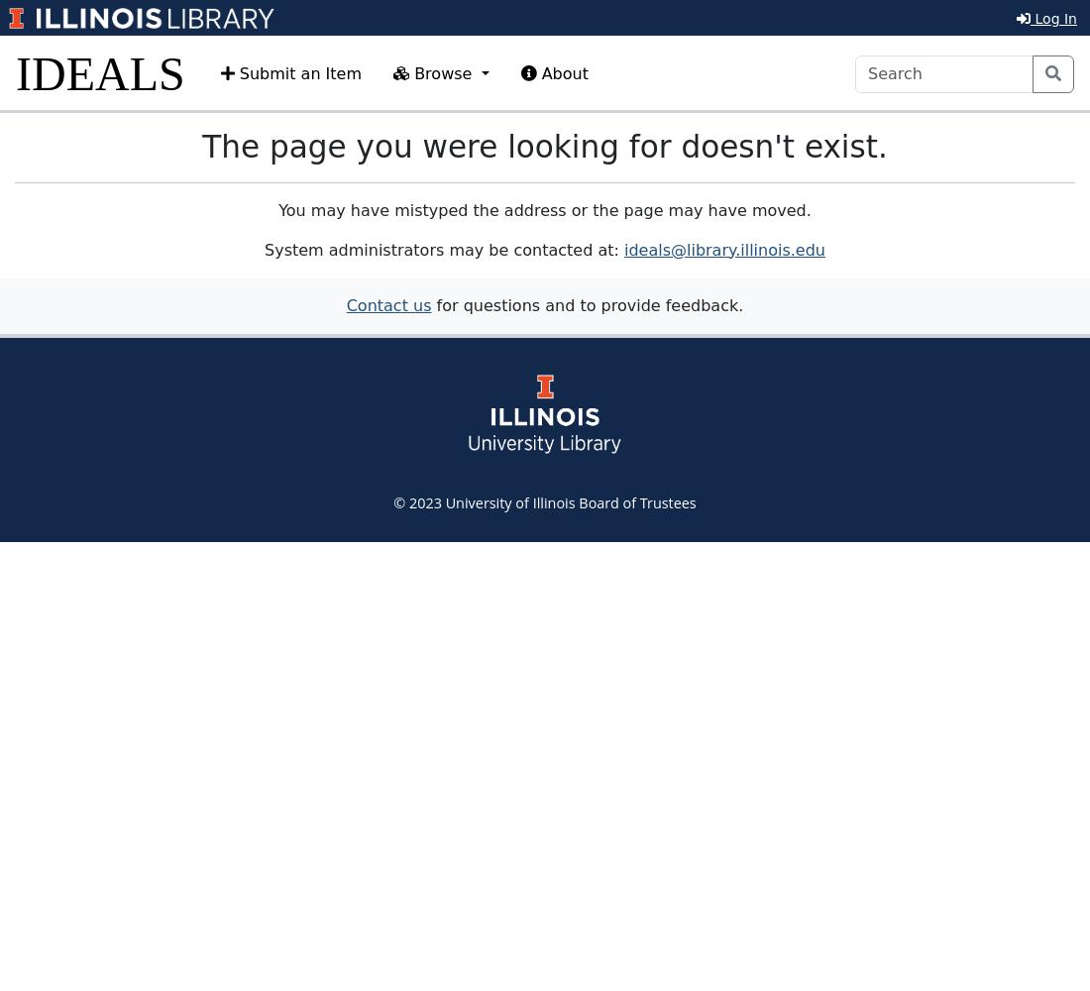 This screenshot has width=1090, height=991. Describe the element at coordinates (388, 304) in the screenshot. I see `'Contact us'` at that location.